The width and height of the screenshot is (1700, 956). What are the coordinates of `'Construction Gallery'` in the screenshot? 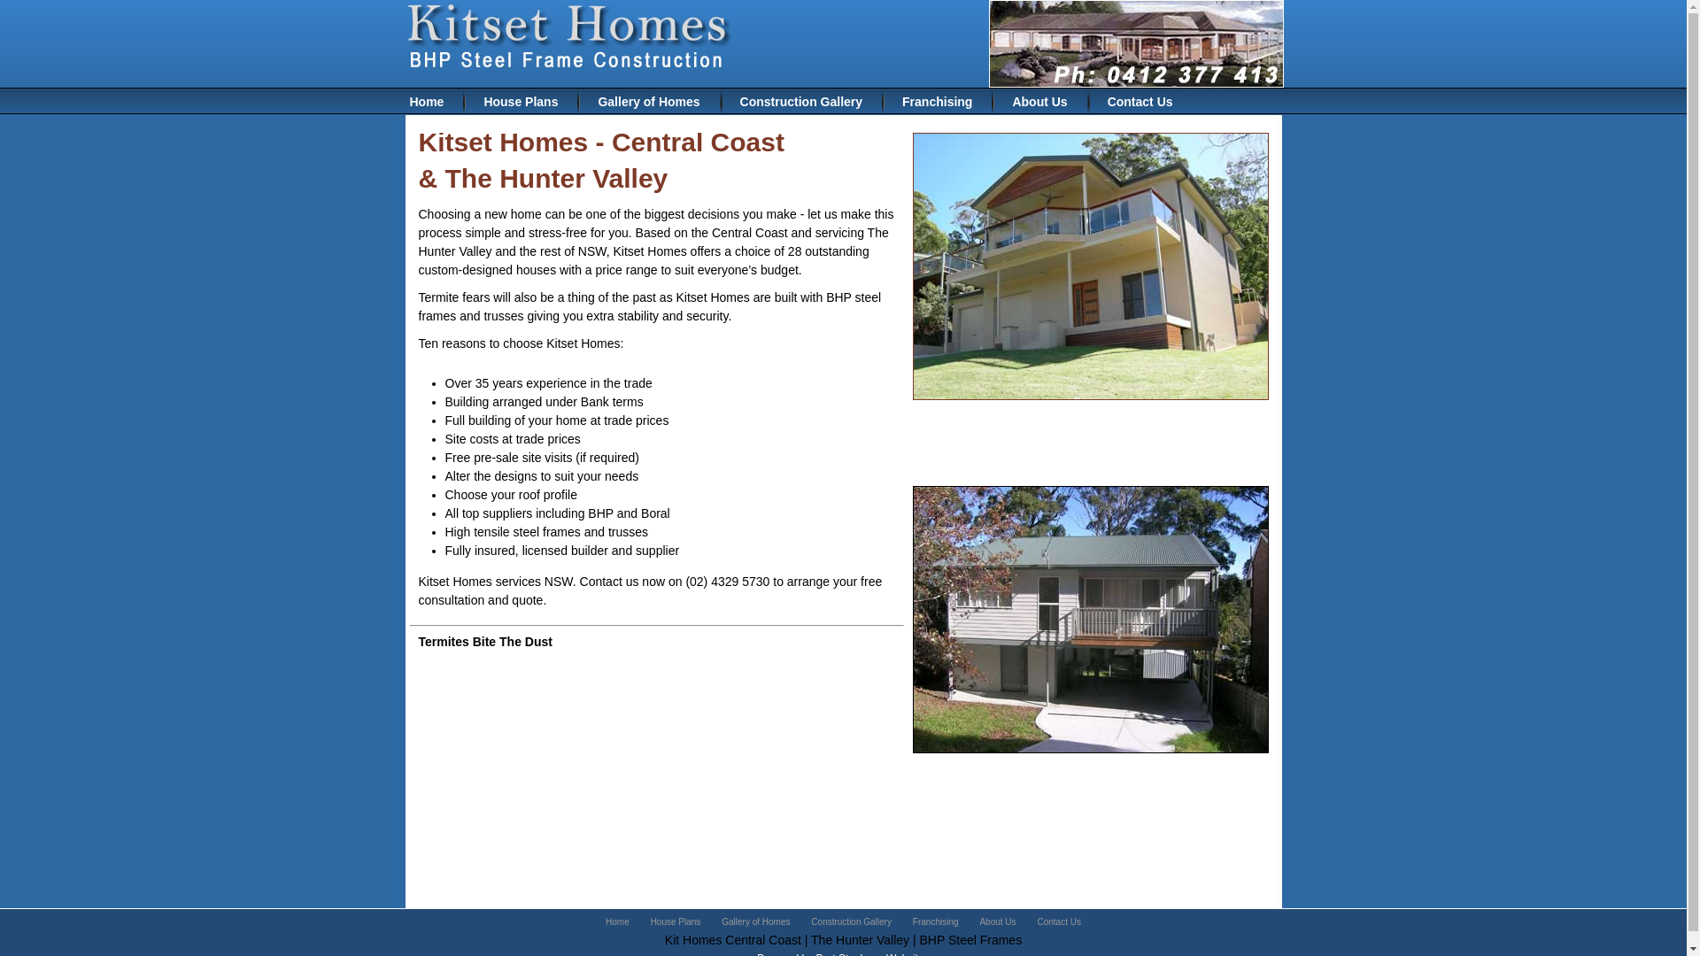 It's located at (851, 921).